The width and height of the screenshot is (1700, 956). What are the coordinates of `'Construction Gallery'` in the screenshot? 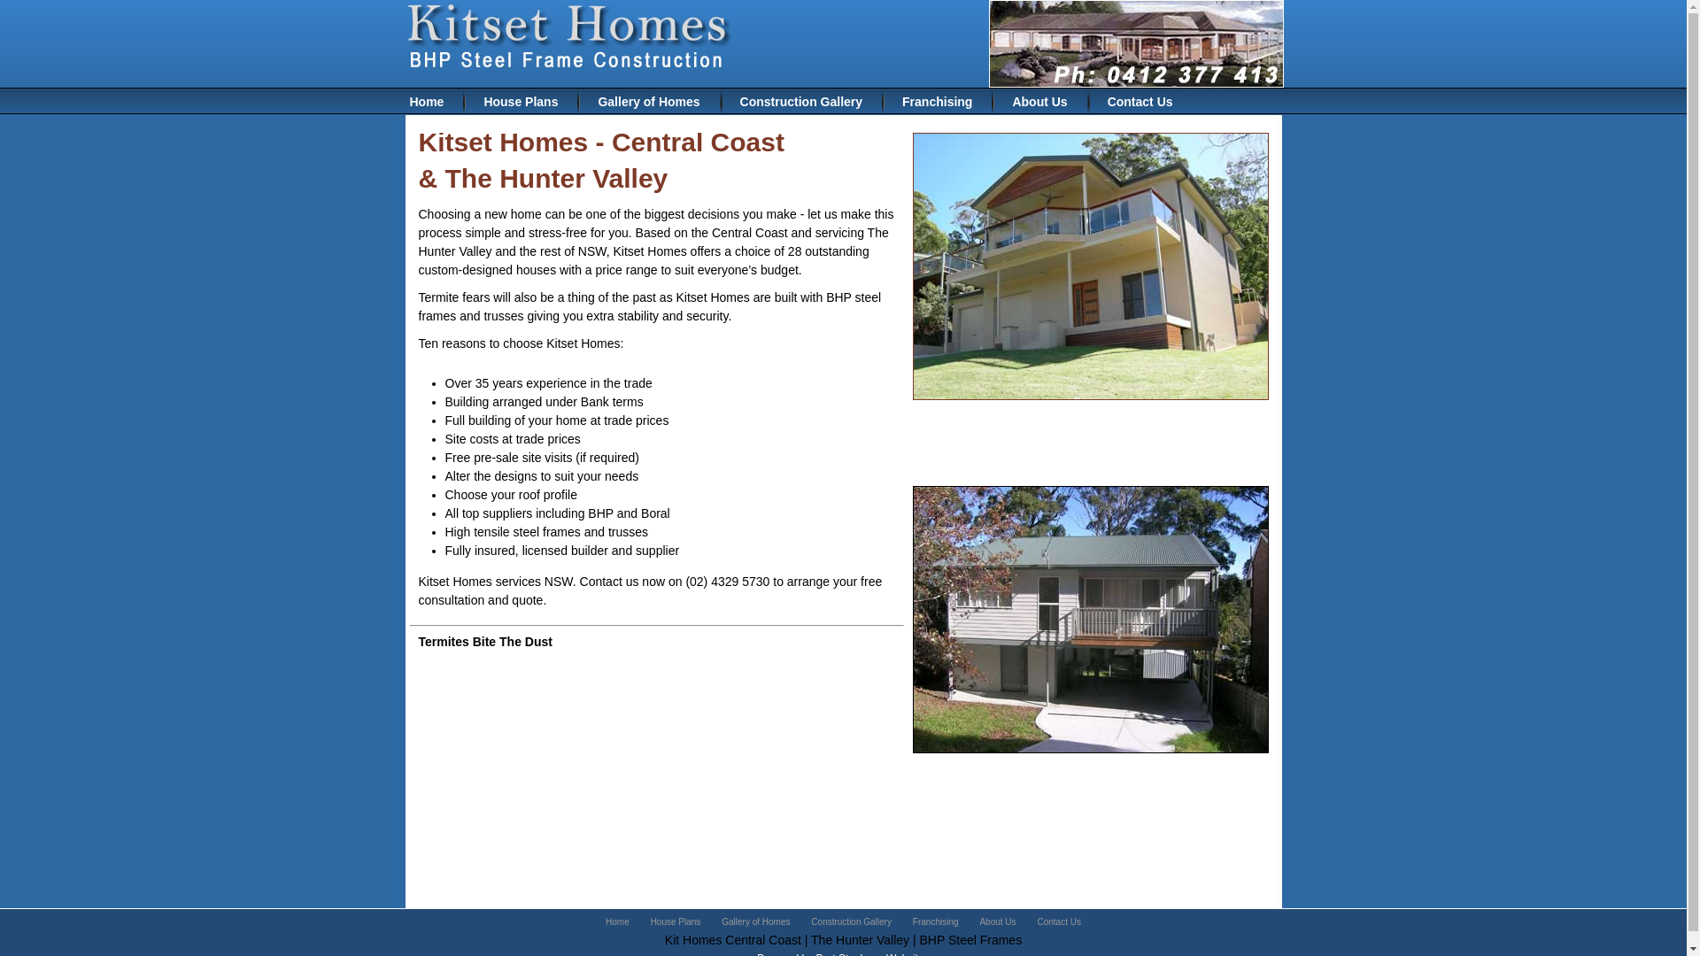 It's located at (851, 921).